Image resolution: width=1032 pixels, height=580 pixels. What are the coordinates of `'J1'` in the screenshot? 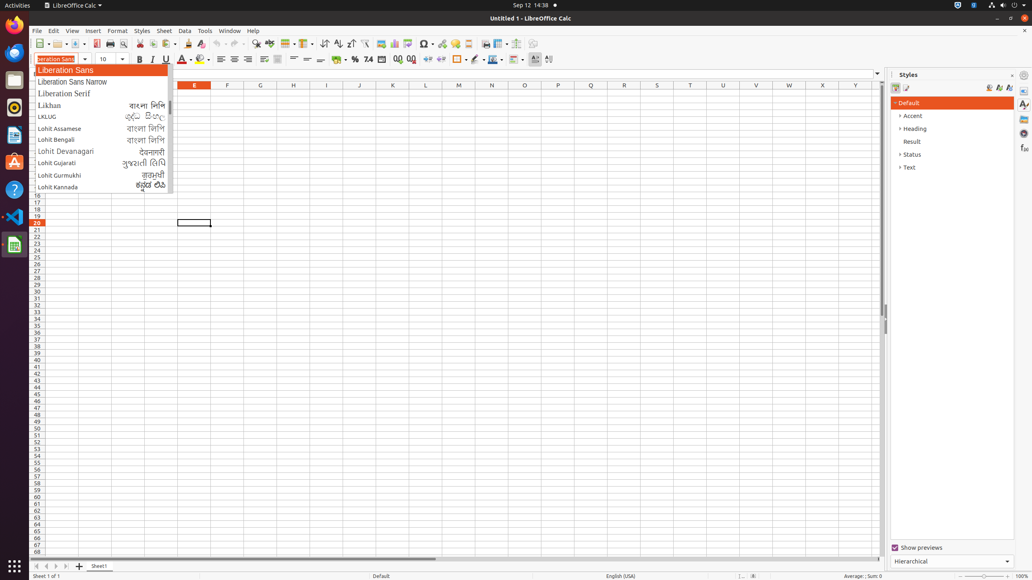 It's located at (359, 92).